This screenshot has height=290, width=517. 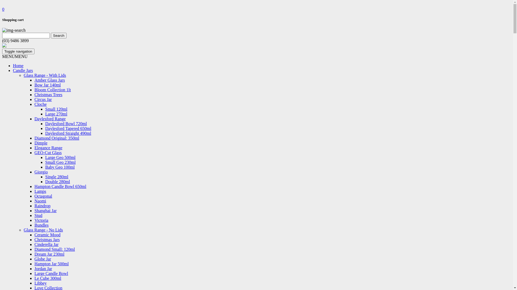 I want to click on 'Libbey', so click(x=40, y=283).